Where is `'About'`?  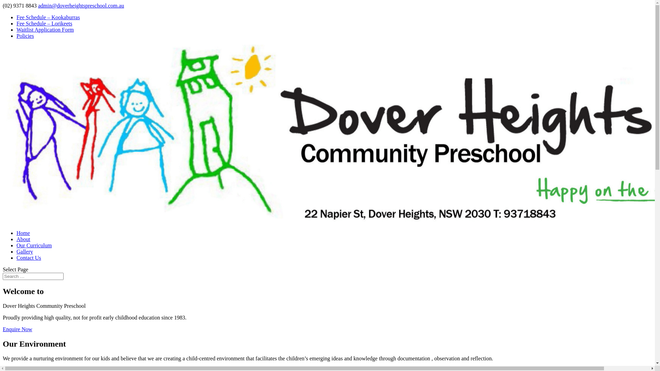 'About' is located at coordinates (23, 239).